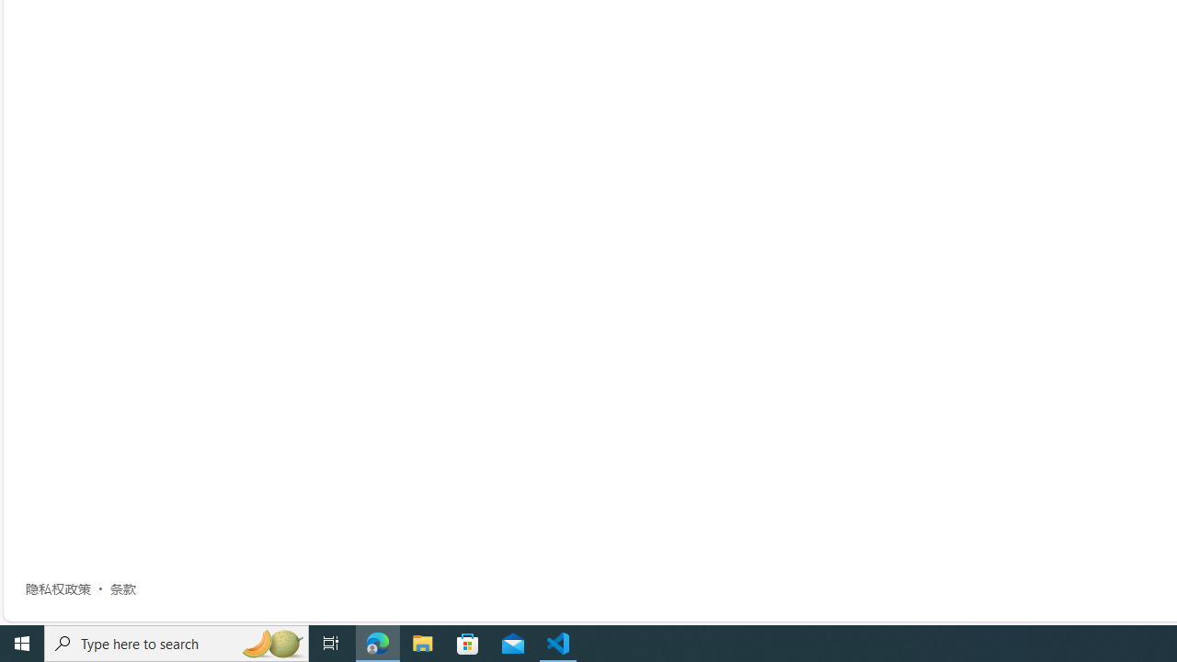 This screenshot has width=1177, height=662. I want to click on 'Start', so click(22, 642).